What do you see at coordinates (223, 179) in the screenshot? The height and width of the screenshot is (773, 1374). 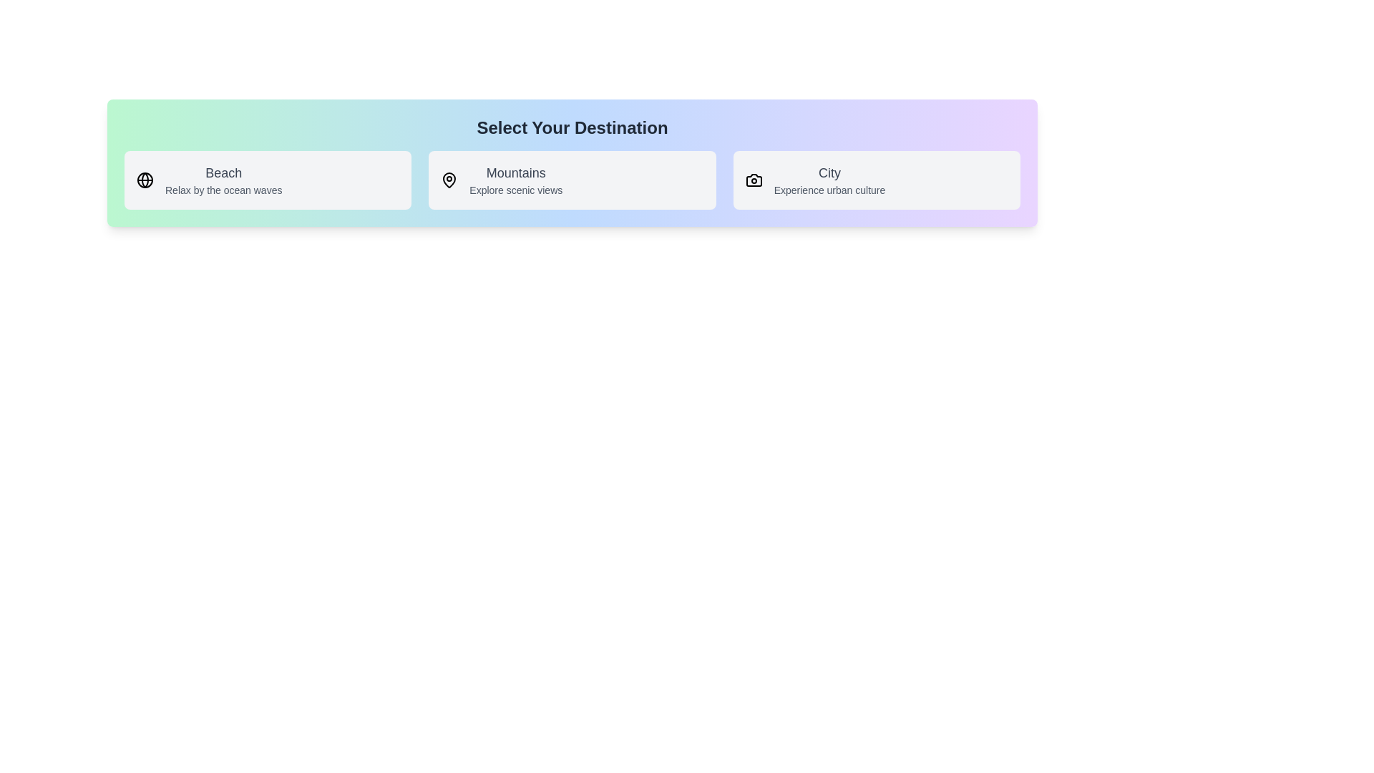 I see `the static text component labeled 'Beach' which provides information about relaxing by the ocean waves, located in the leftmost position of three options under 'Select Your Destination.'` at bounding box center [223, 179].